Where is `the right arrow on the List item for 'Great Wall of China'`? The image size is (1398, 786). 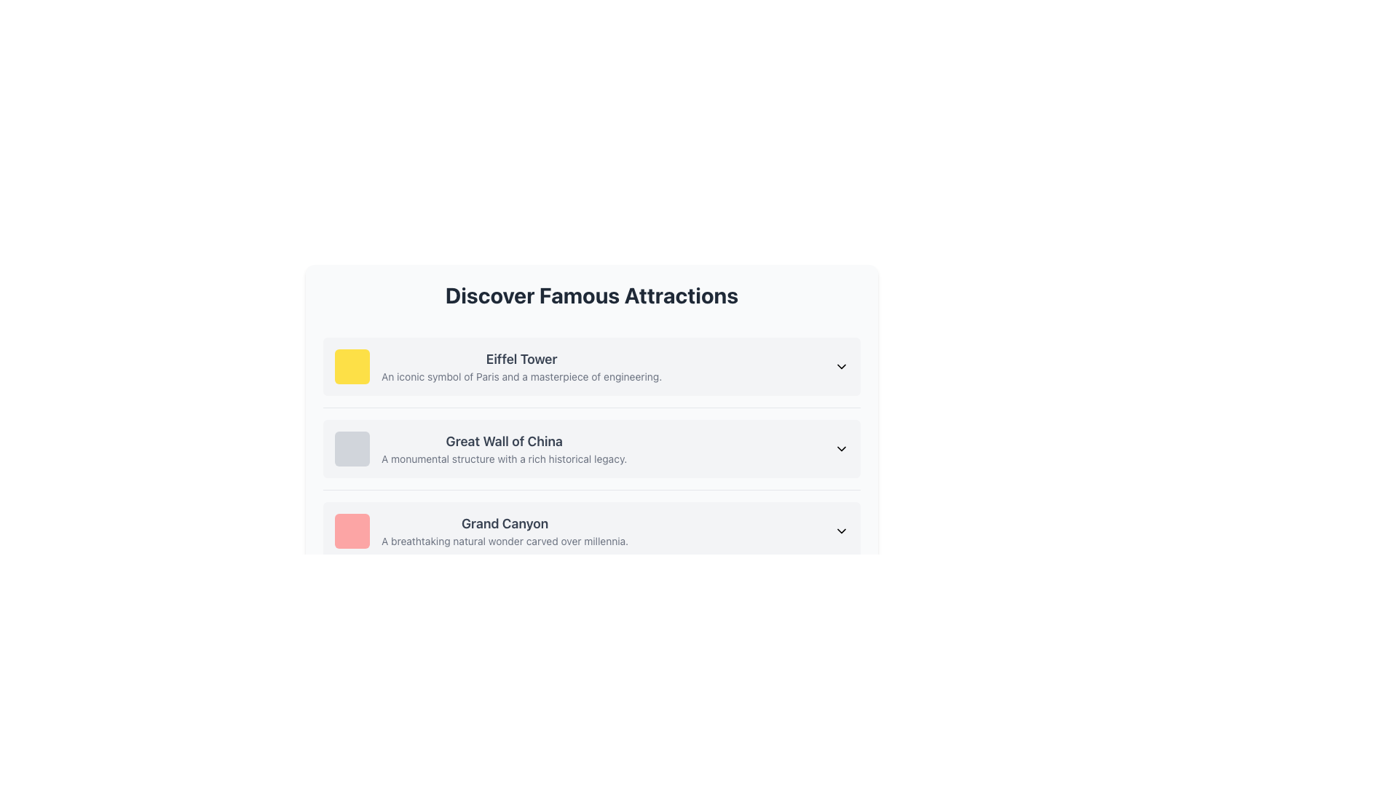
the right arrow on the List item for 'Great Wall of China' is located at coordinates (591, 448).